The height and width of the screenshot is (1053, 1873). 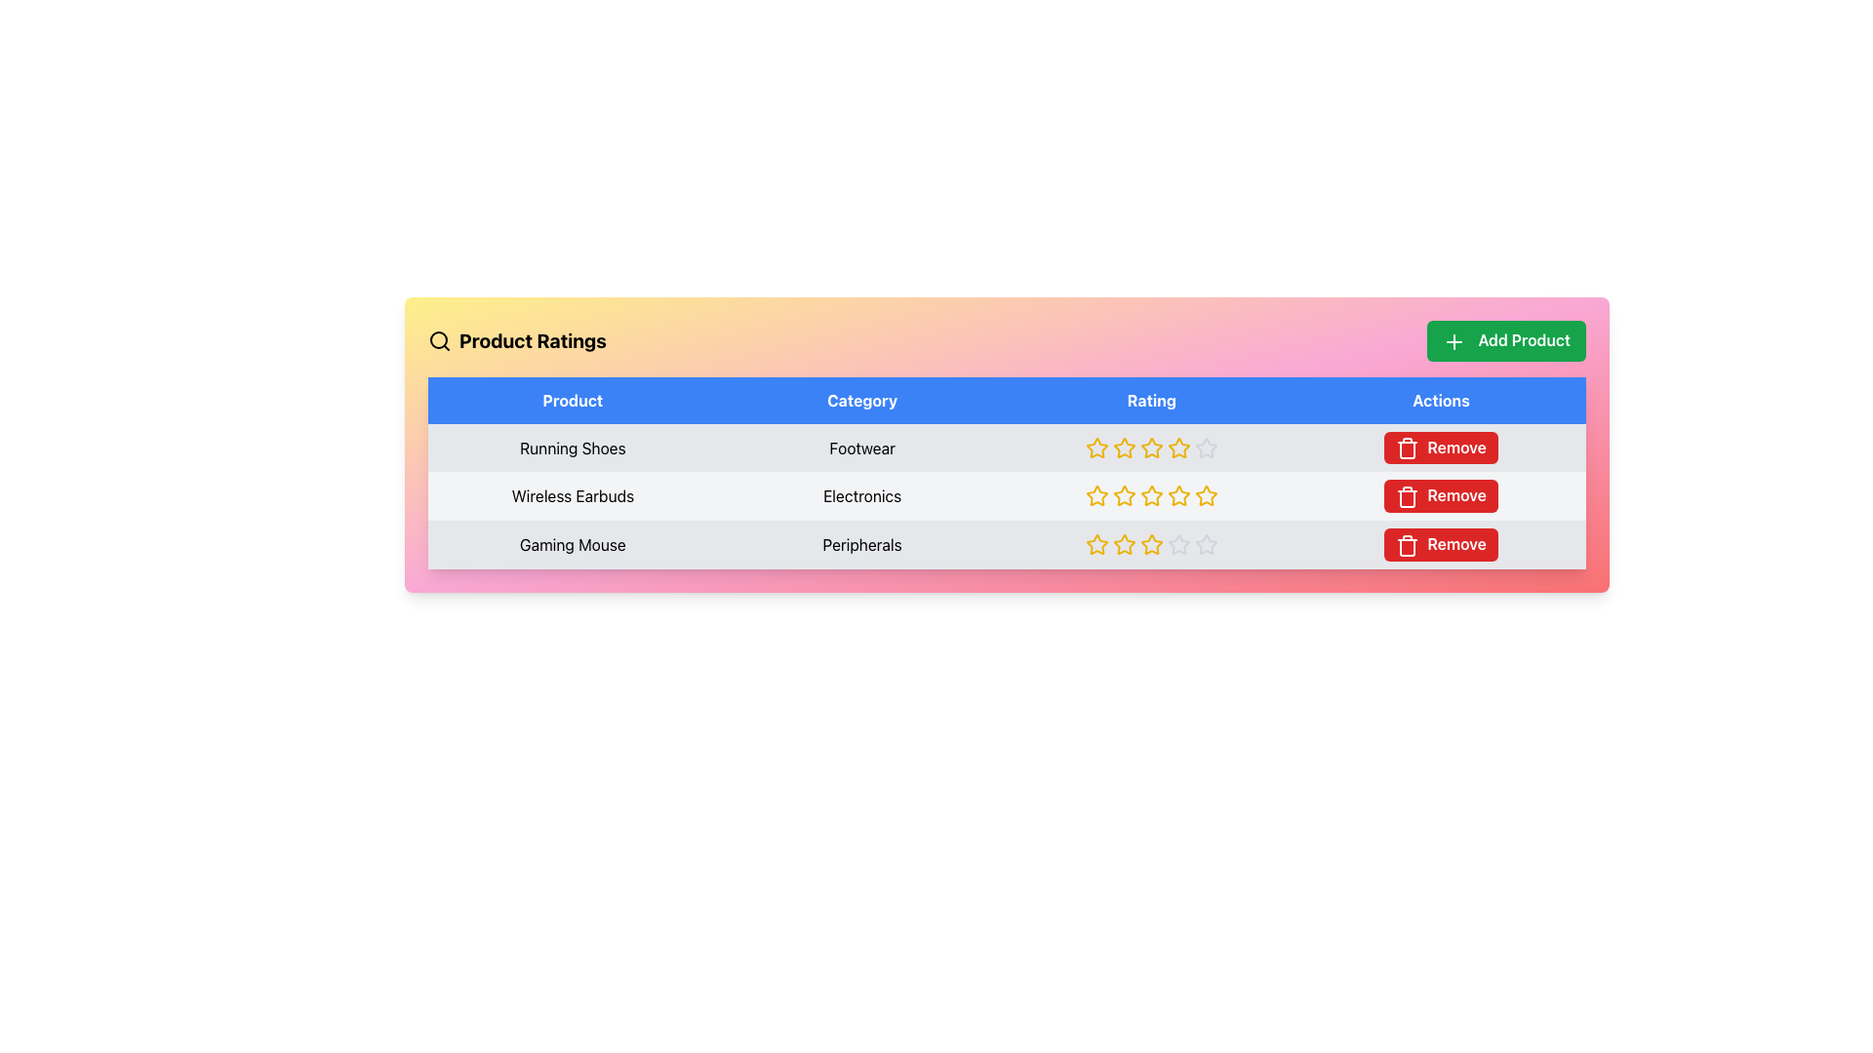 I want to click on the fourth star icon in the rating section for the product category 'Footwear', so click(x=1151, y=448).